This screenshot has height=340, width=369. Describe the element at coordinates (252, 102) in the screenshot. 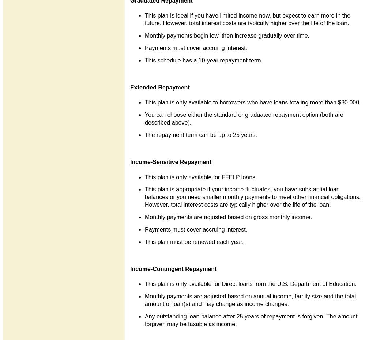

I see `'This plan is only available to borrowers who have loans totaling more than $30,000.'` at that location.